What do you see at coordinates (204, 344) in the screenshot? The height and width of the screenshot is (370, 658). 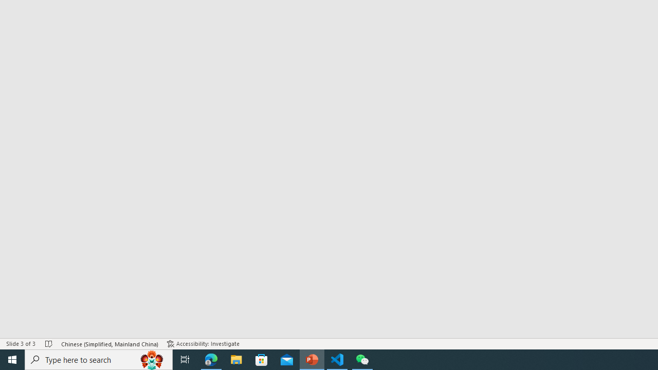 I see `'Accessibility Checker Accessibility: Investigate'` at bounding box center [204, 344].